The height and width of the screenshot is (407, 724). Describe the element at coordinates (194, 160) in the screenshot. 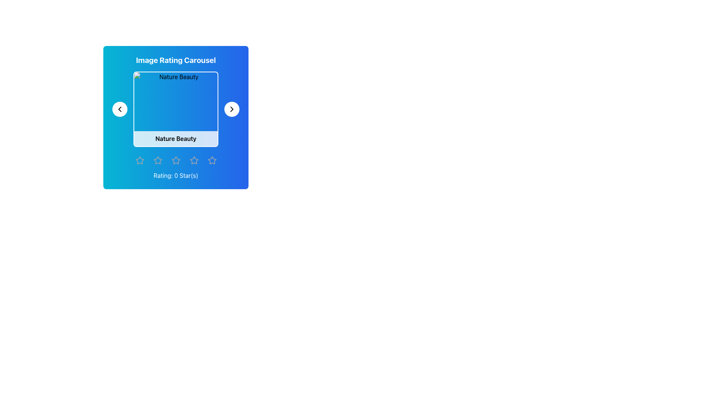

I see `the fourth star icon in the five-star rating component to provide a four-star rating` at that location.